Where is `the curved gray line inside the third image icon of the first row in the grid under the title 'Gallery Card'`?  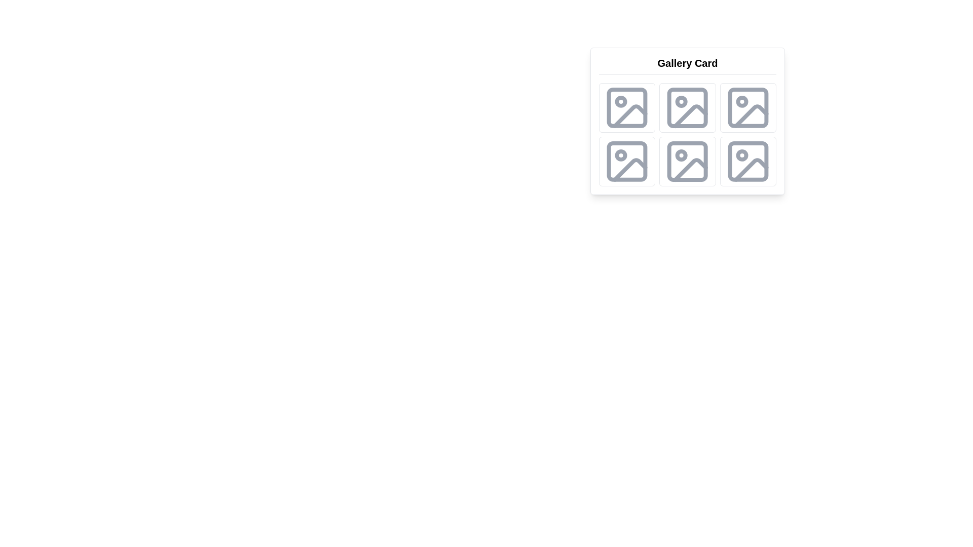
the curved gray line inside the third image icon of the first row in the grid under the title 'Gallery Card' is located at coordinates (690, 115).